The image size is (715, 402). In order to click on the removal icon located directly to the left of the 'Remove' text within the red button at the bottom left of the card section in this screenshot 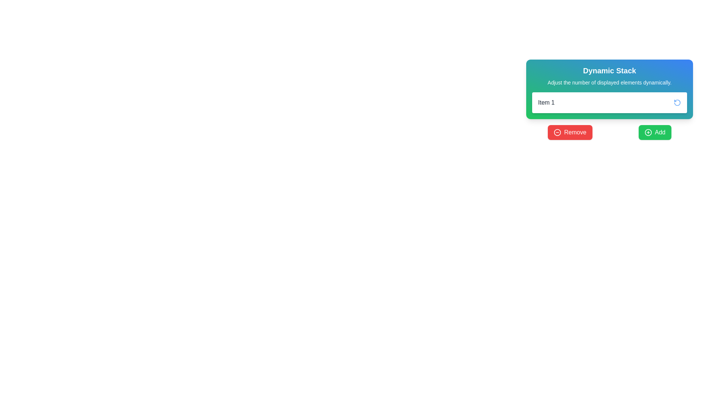, I will do `click(557, 132)`.